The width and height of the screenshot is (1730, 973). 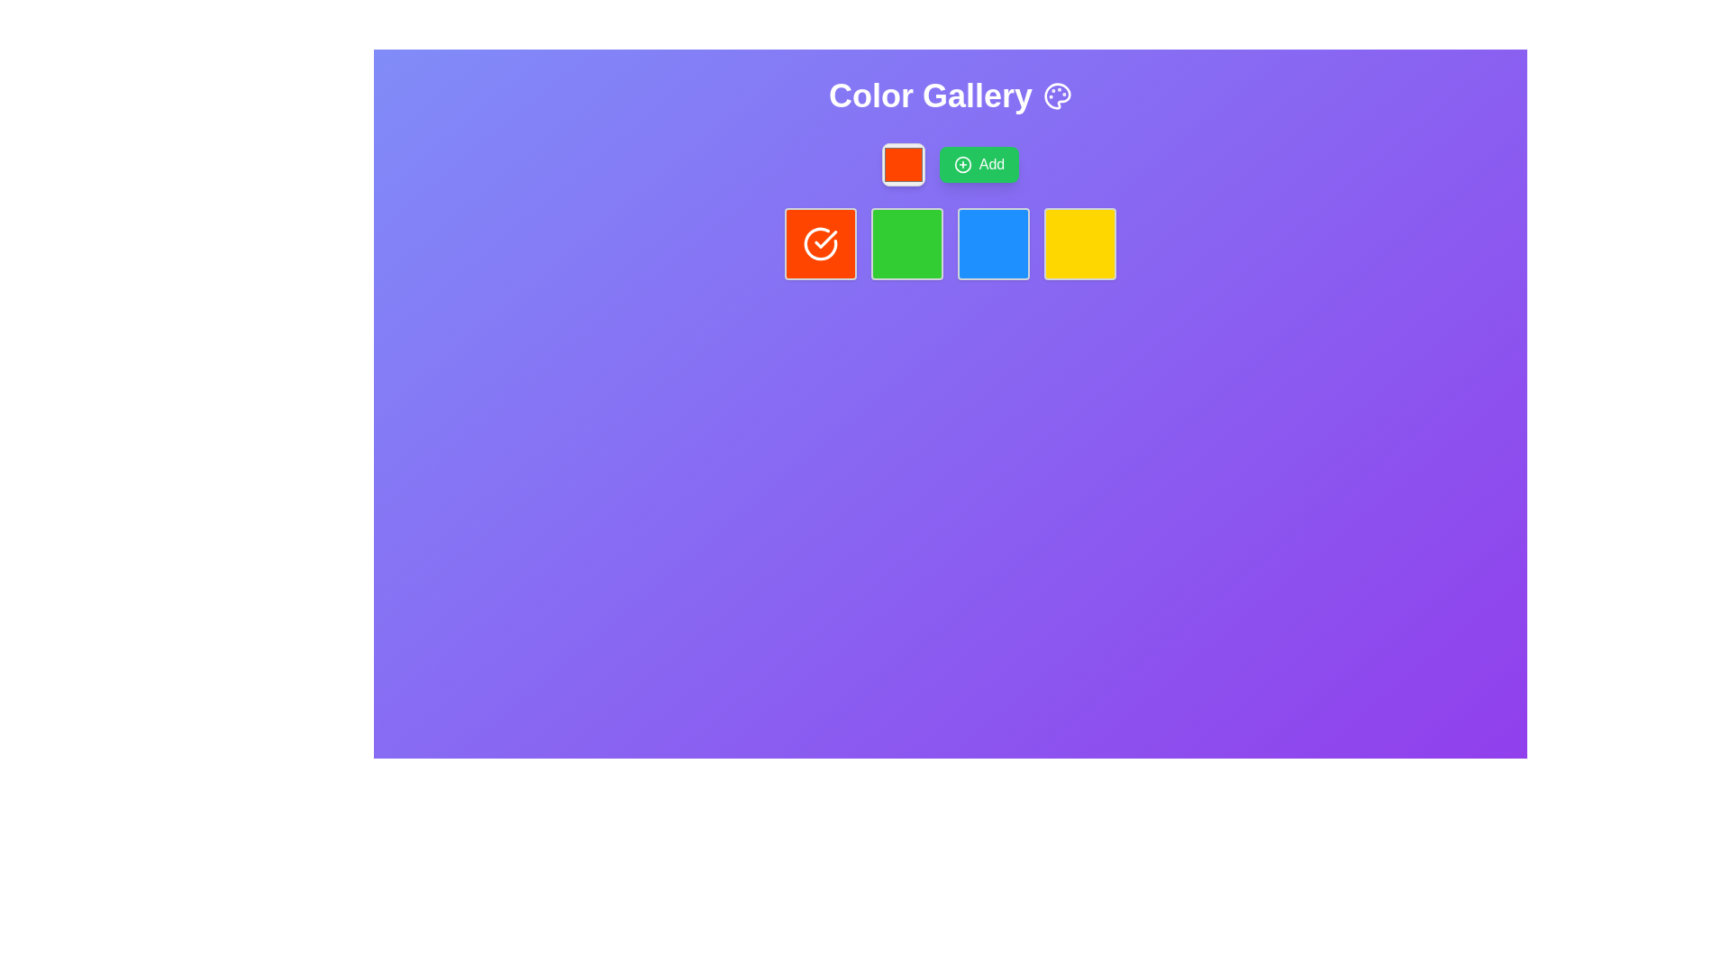 I want to click on the second button in the 'Color Gallery' section, located to the right of the red square-shaped color picker, so click(x=978, y=164).